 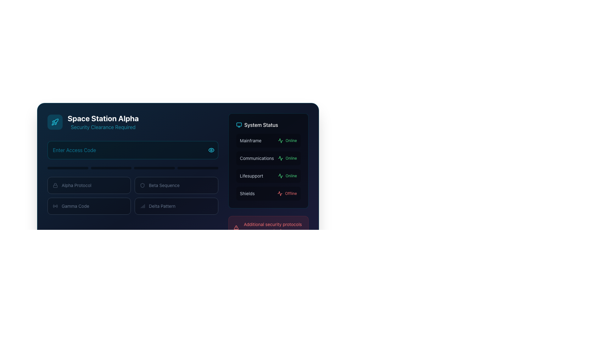 What do you see at coordinates (55, 122) in the screenshot?
I see `the space-themed icon located at the top-left segment of the interface, near the text 'Space Station Alpha'` at bounding box center [55, 122].